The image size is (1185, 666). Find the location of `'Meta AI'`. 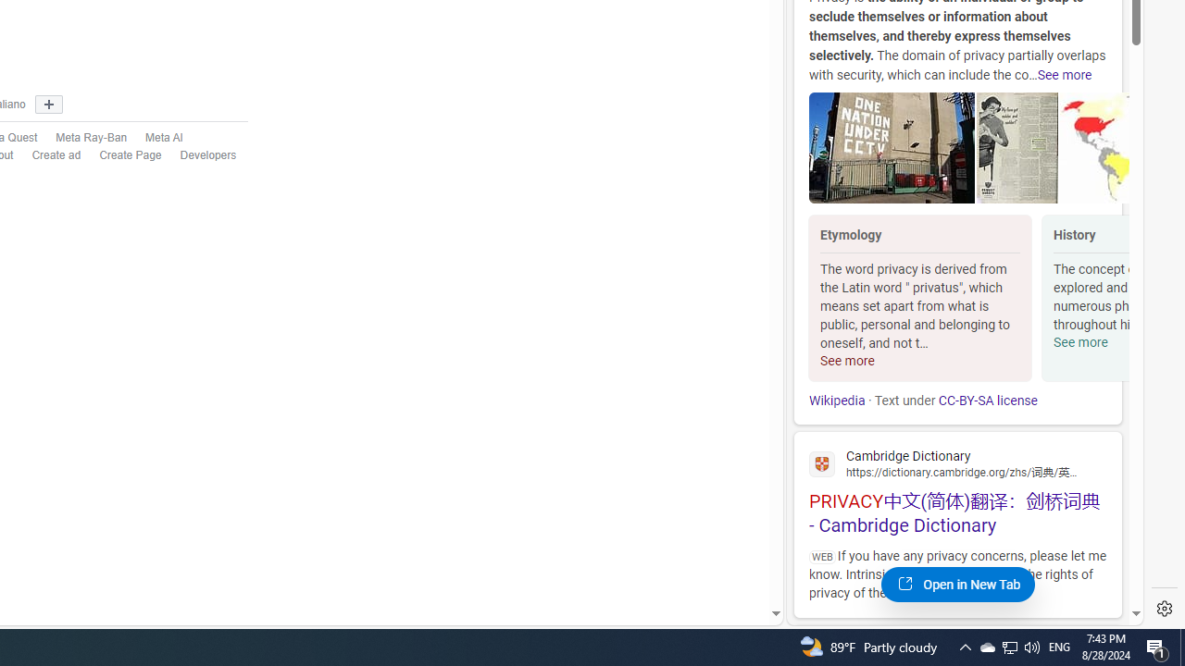

'Meta AI' is located at coordinates (155, 137).